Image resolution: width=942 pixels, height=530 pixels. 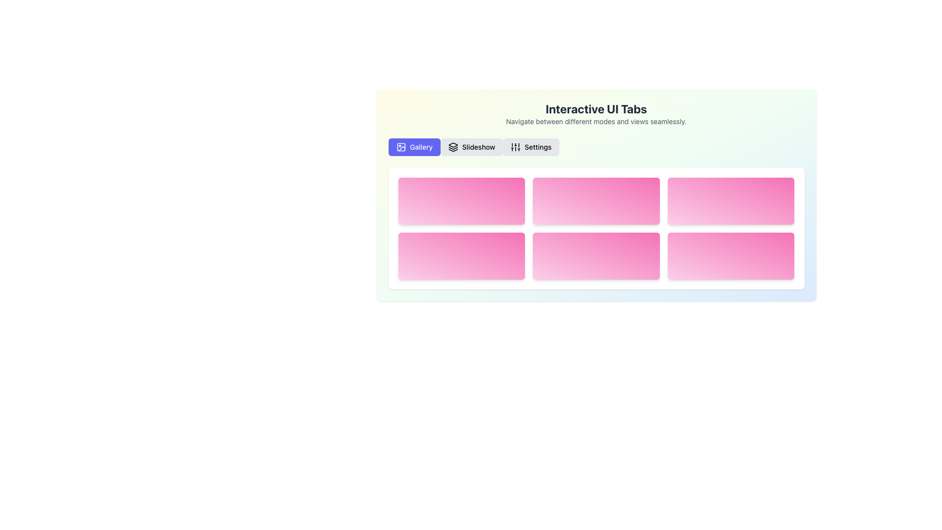 I want to click on decorative panel located in the second row, first column of the grid, which organizes or frames content, so click(x=461, y=255).